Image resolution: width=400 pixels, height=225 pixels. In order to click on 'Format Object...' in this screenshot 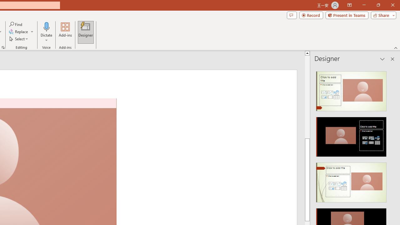, I will do `click(3, 47)`.